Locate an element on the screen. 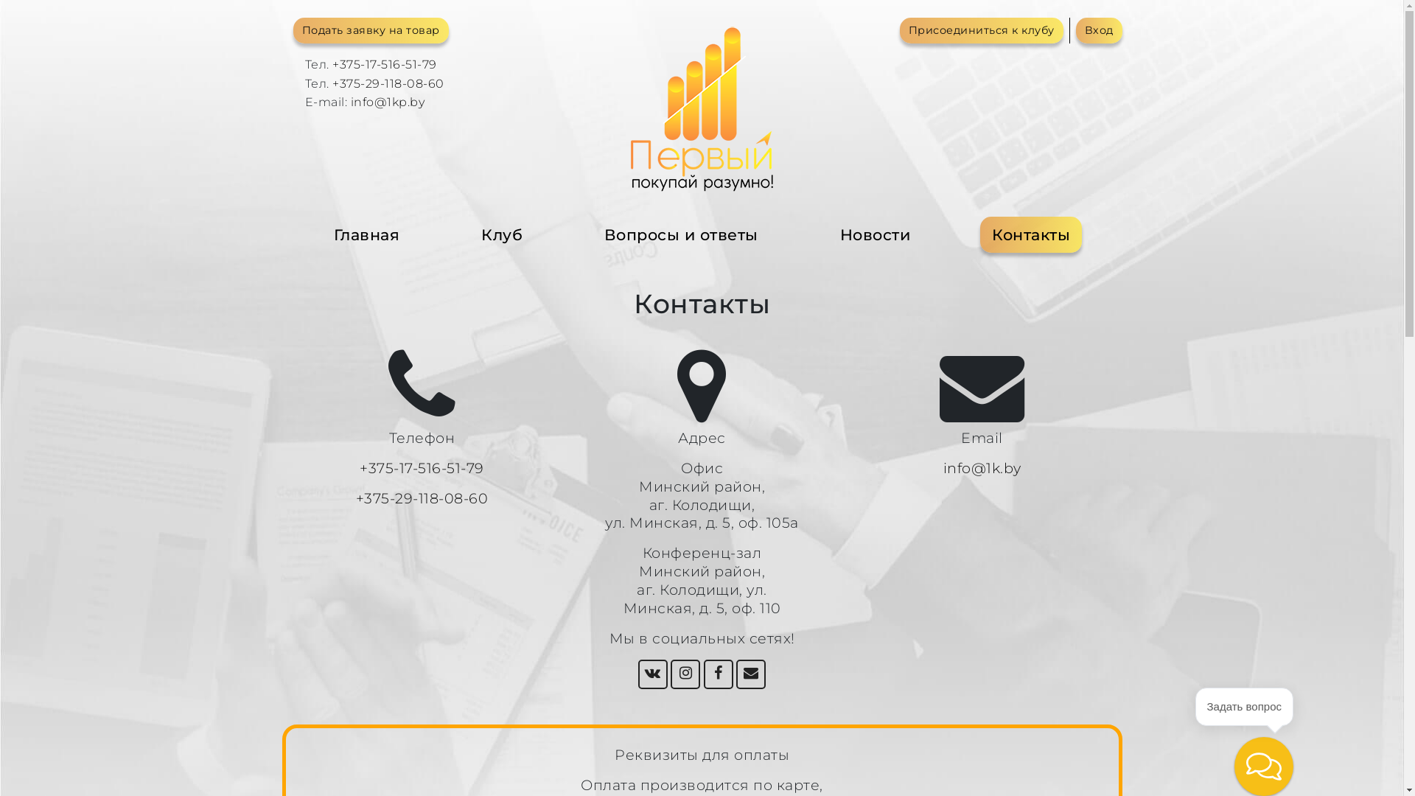 The width and height of the screenshot is (1415, 796). 'info@1kp.by' is located at coordinates (388, 101).